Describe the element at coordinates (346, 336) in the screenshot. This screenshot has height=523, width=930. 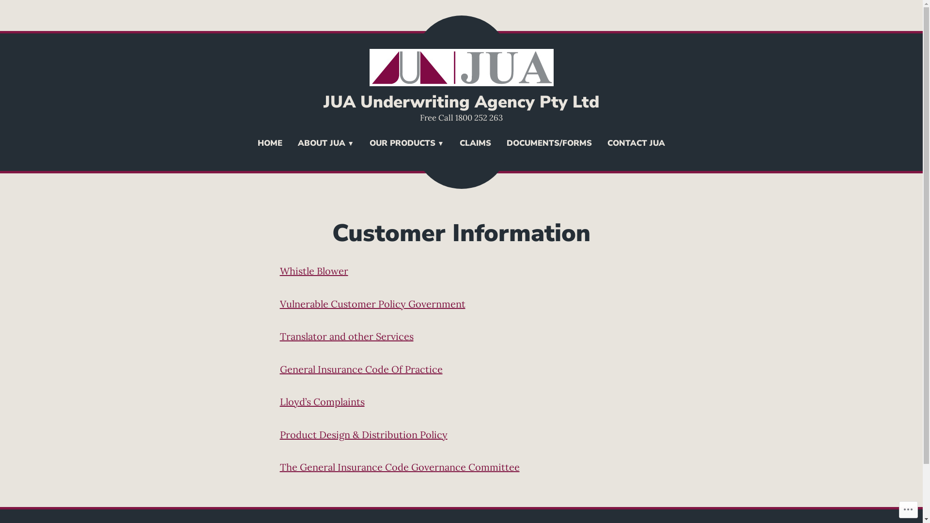
I see `'Translator and other Services'` at that location.